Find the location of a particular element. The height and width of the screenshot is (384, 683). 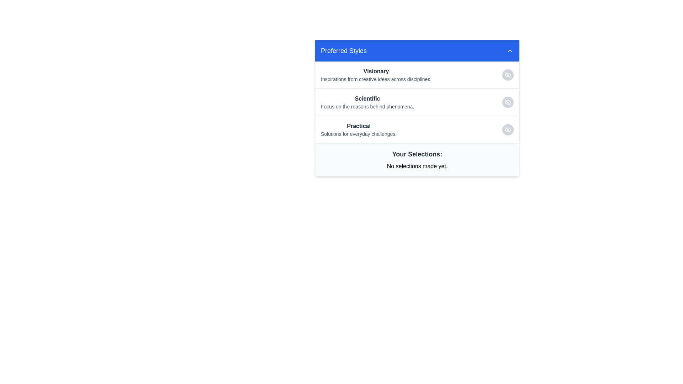

the text label reading 'Visionary', which is styled with a bold font weight and dark gray color, positioned at the top of the section labeled 'Preferred Styles' is located at coordinates (376, 71).